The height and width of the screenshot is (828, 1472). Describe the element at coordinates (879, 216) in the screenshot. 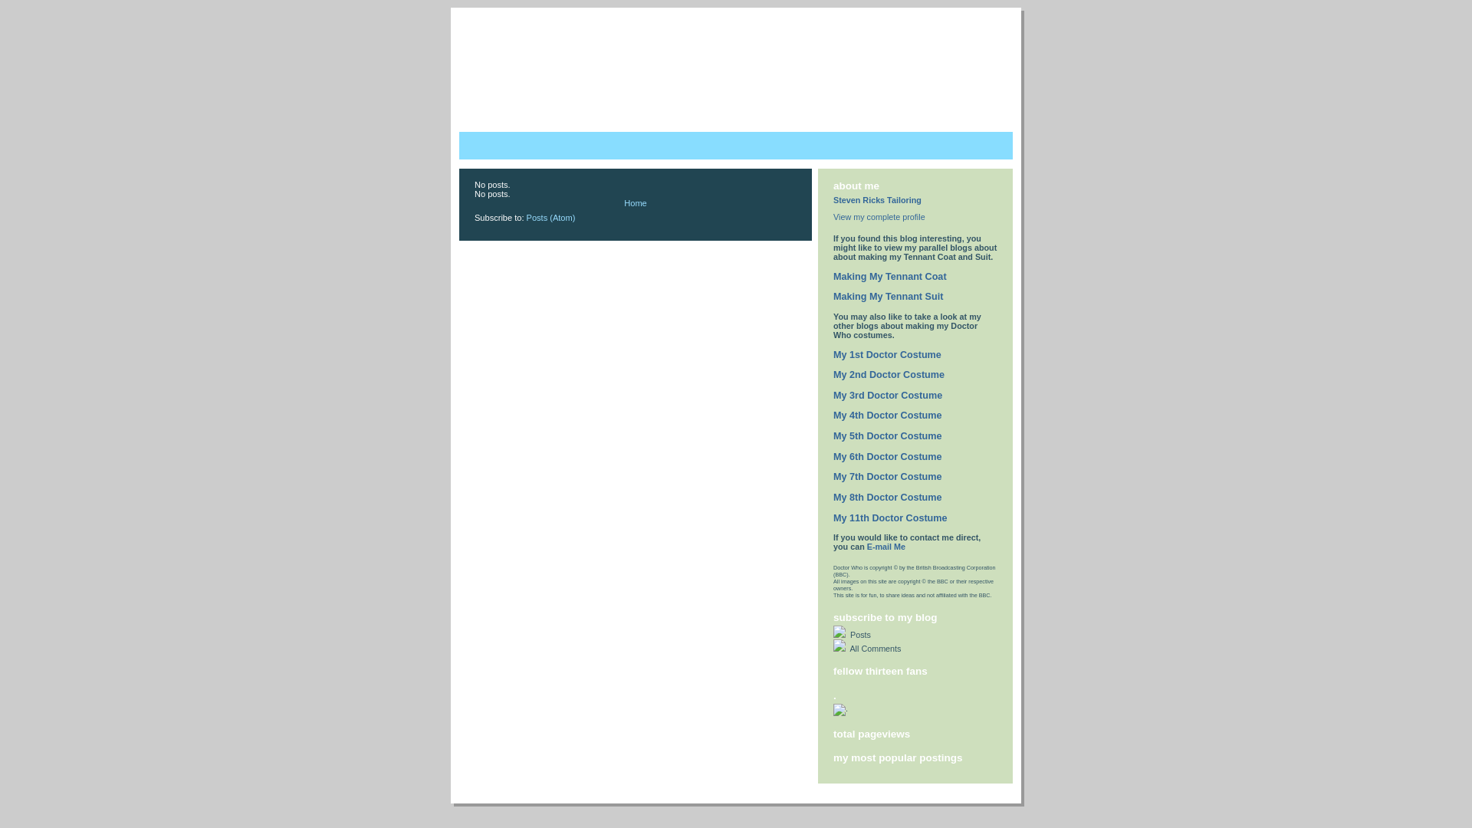

I see `'View my complete profile'` at that location.